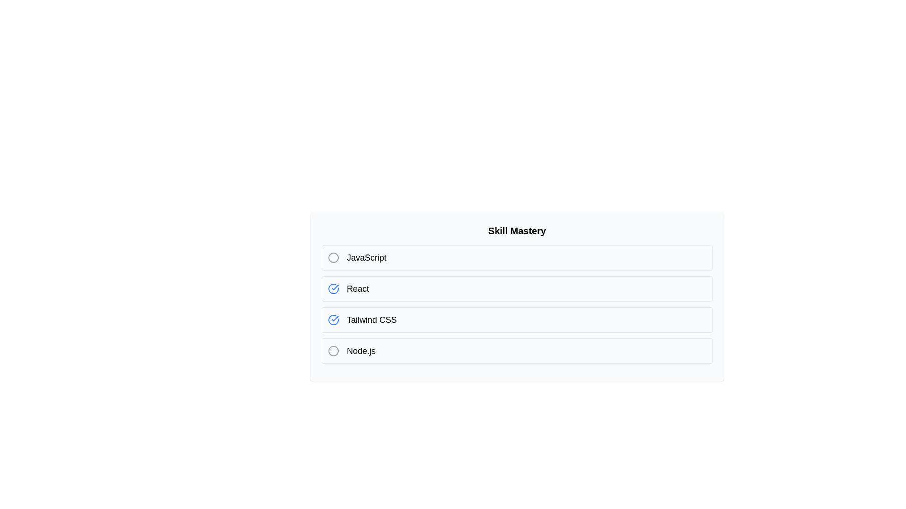 Image resolution: width=906 pixels, height=509 pixels. What do you see at coordinates (516, 319) in the screenshot?
I see `the skill list item Tailwind CSS to observe the hover effect` at bounding box center [516, 319].